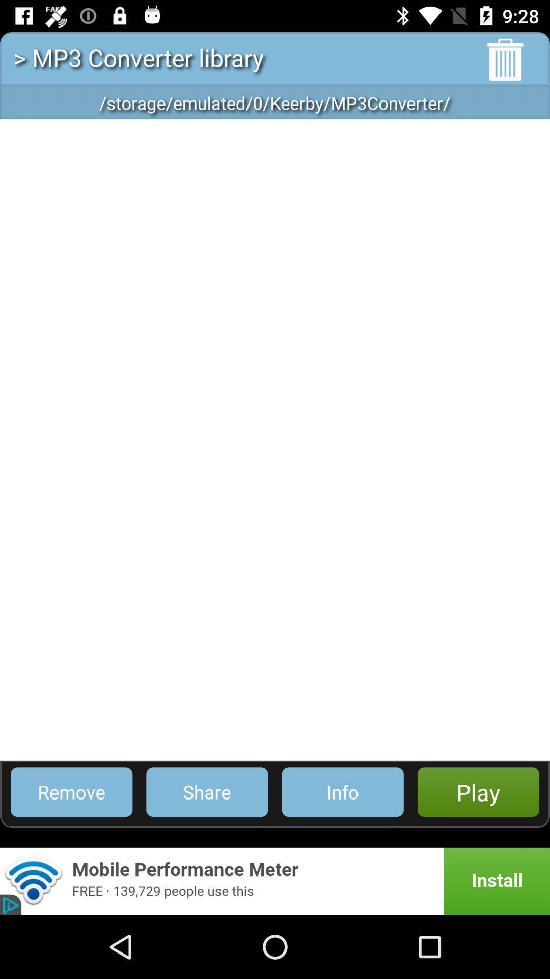 The height and width of the screenshot is (979, 550). I want to click on the delete icon, so click(505, 59).